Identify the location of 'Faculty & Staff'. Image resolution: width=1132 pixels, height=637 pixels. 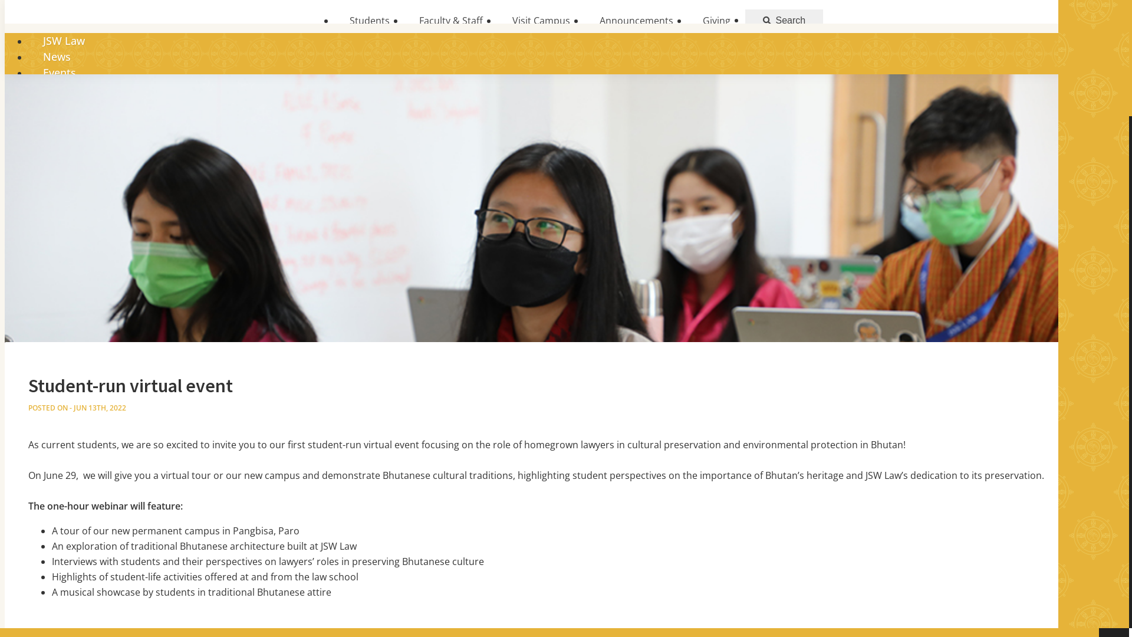
(450, 20).